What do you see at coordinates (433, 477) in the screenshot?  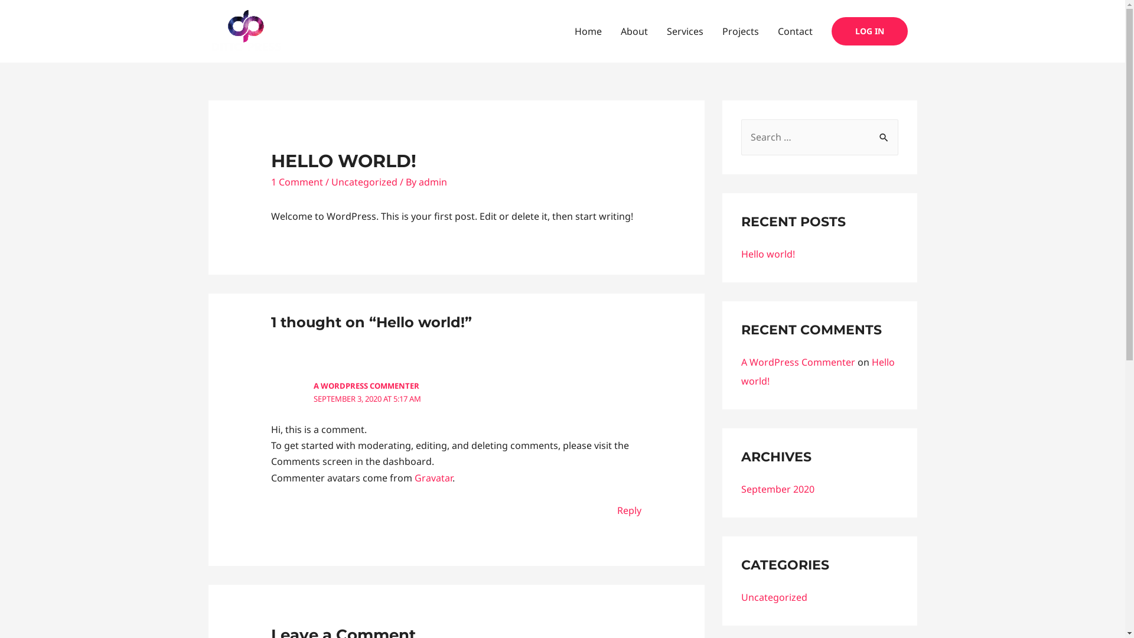 I see `'Gravatar'` at bounding box center [433, 477].